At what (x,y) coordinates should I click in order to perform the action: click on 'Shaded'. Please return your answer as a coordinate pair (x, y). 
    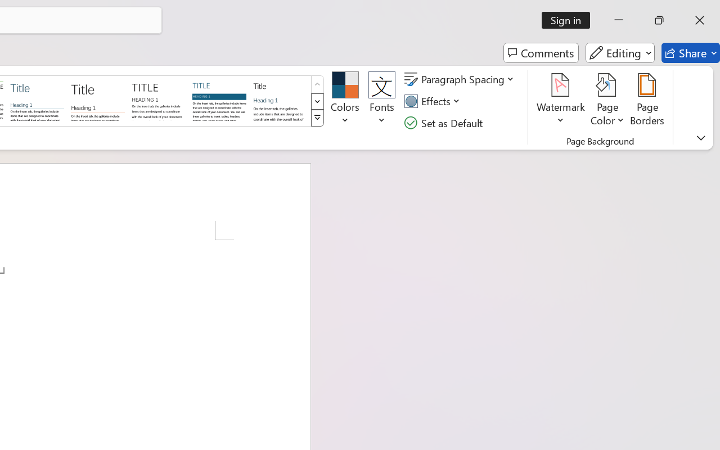
    Looking at the image, I should click on (219, 100).